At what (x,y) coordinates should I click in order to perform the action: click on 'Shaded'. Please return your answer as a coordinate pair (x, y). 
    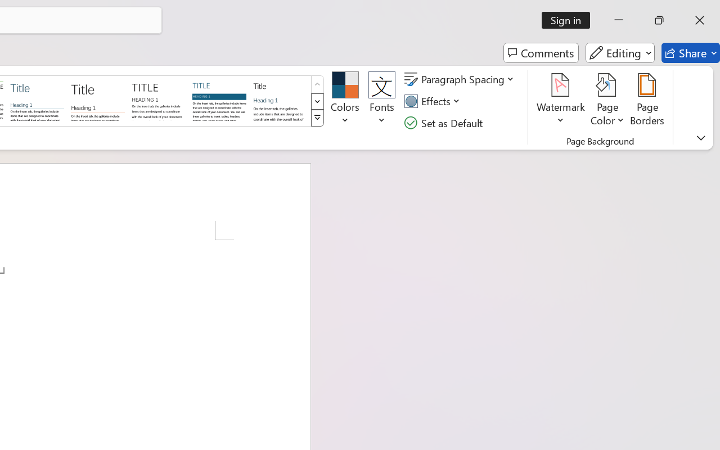
    Looking at the image, I should click on (219, 100).